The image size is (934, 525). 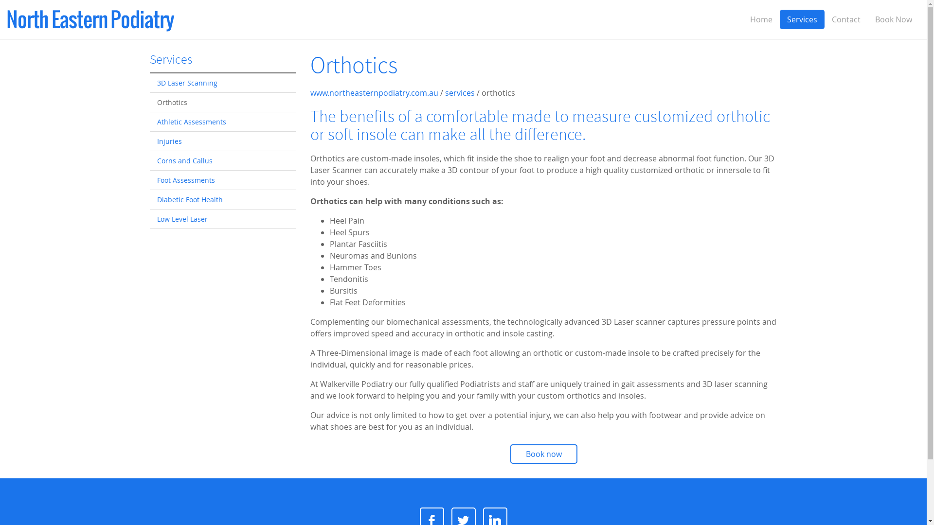 What do you see at coordinates (894, 19) in the screenshot?
I see `'Book Now'` at bounding box center [894, 19].